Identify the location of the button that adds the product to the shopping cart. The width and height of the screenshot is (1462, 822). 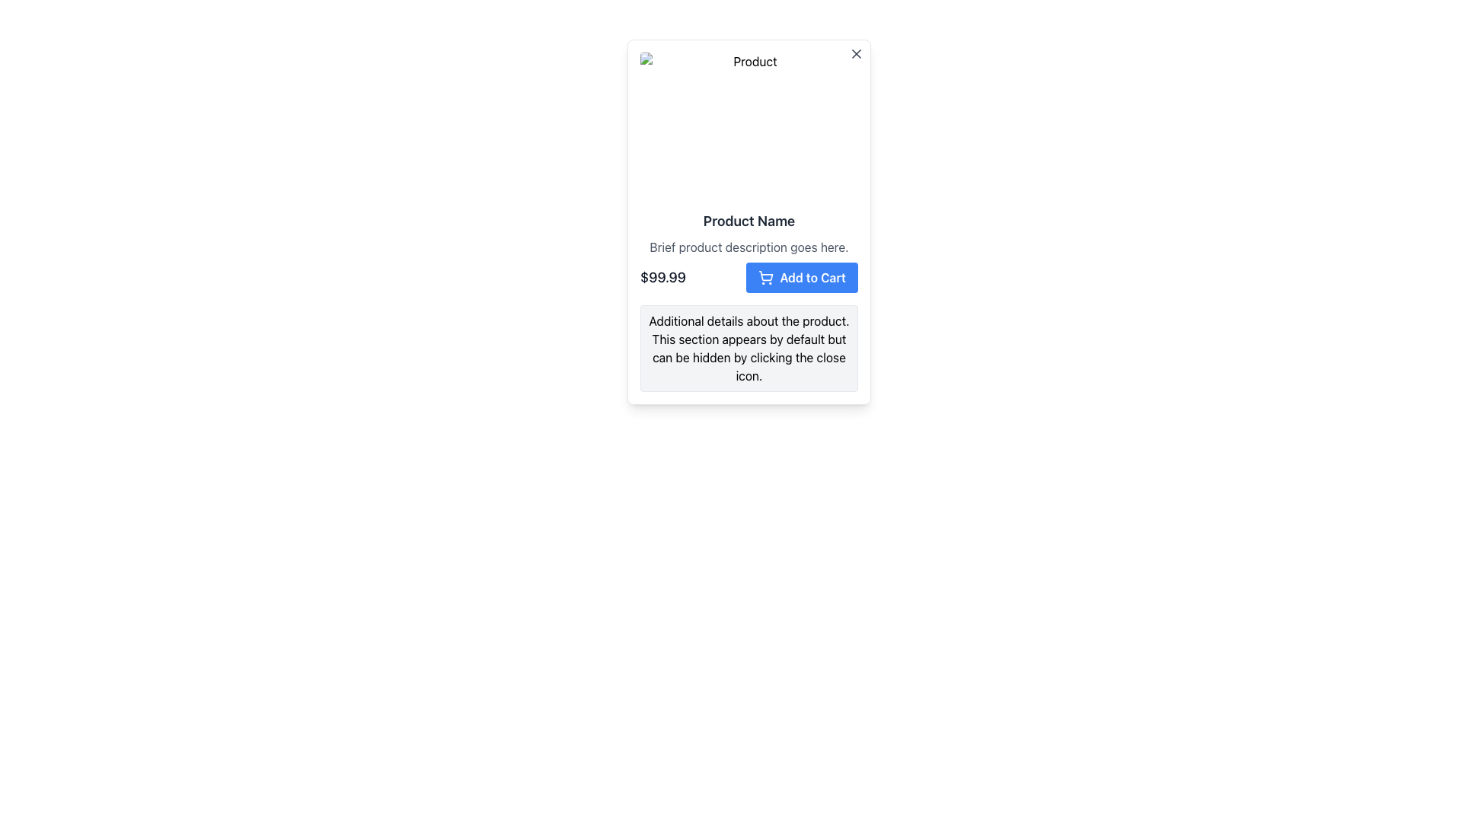
(801, 278).